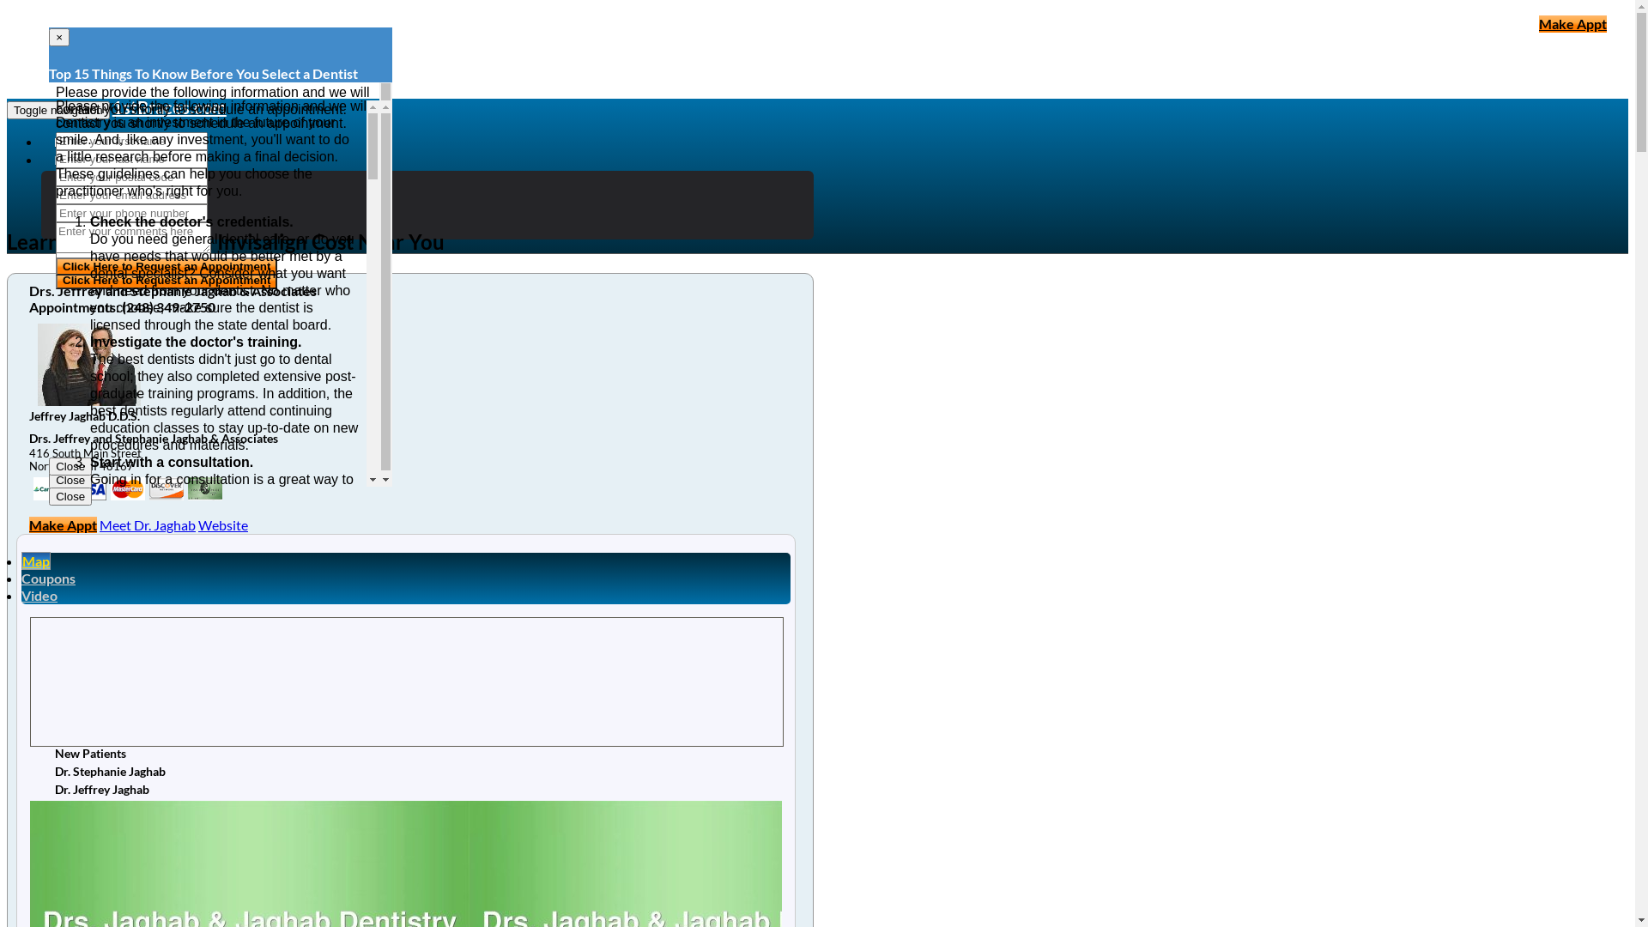 This screenshot has height=927, width=1648. Describe the element at coordinates (7, 110) in the screenshot. I see `'Toggle navigation'` at that location.